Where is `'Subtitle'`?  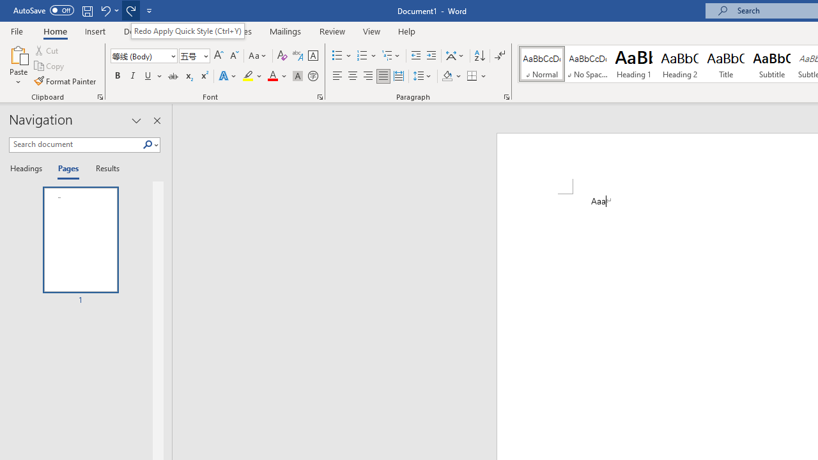 'Subtitle' is located at coordinates (771, 64).